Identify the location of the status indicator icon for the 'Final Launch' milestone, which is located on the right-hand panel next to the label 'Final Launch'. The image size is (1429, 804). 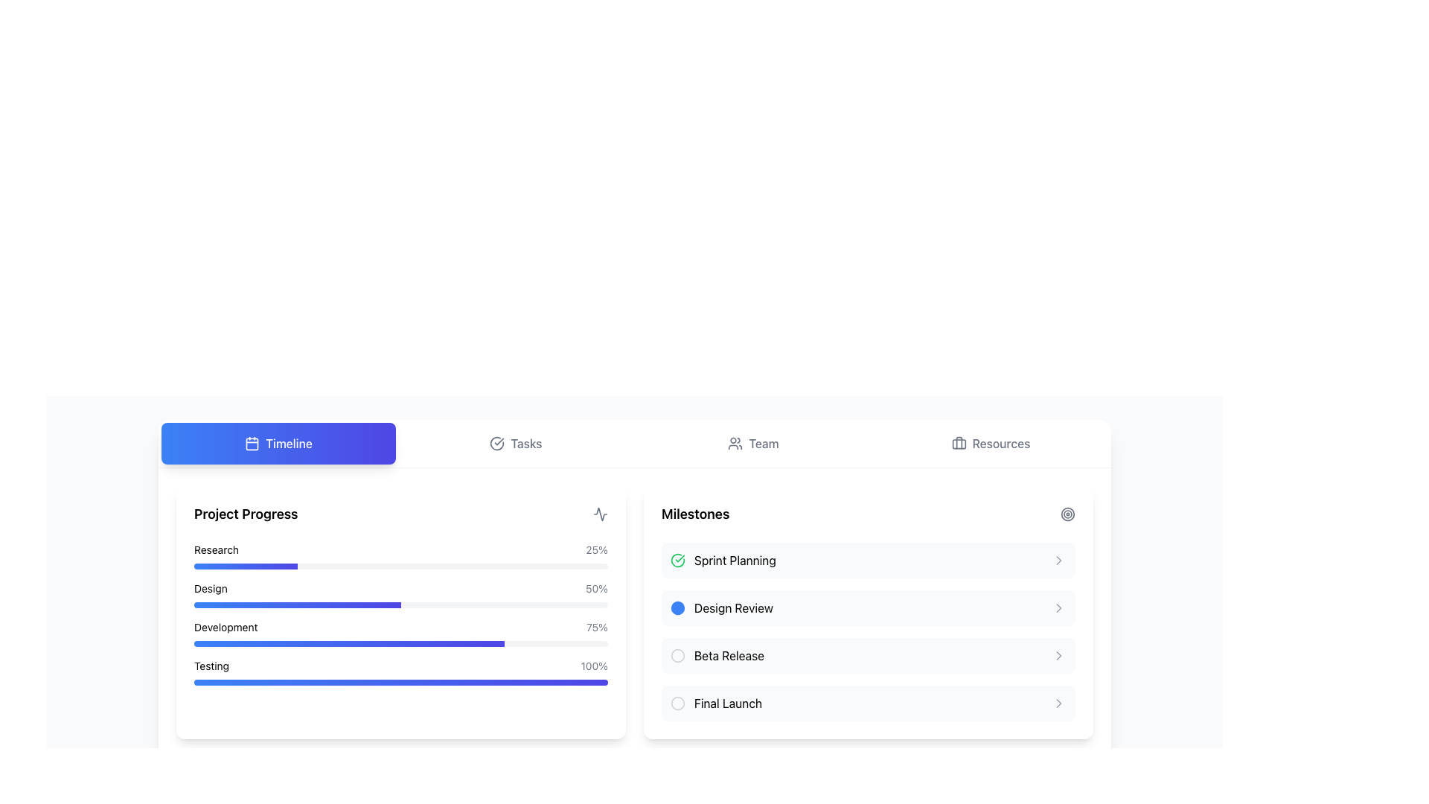
(677, 703).